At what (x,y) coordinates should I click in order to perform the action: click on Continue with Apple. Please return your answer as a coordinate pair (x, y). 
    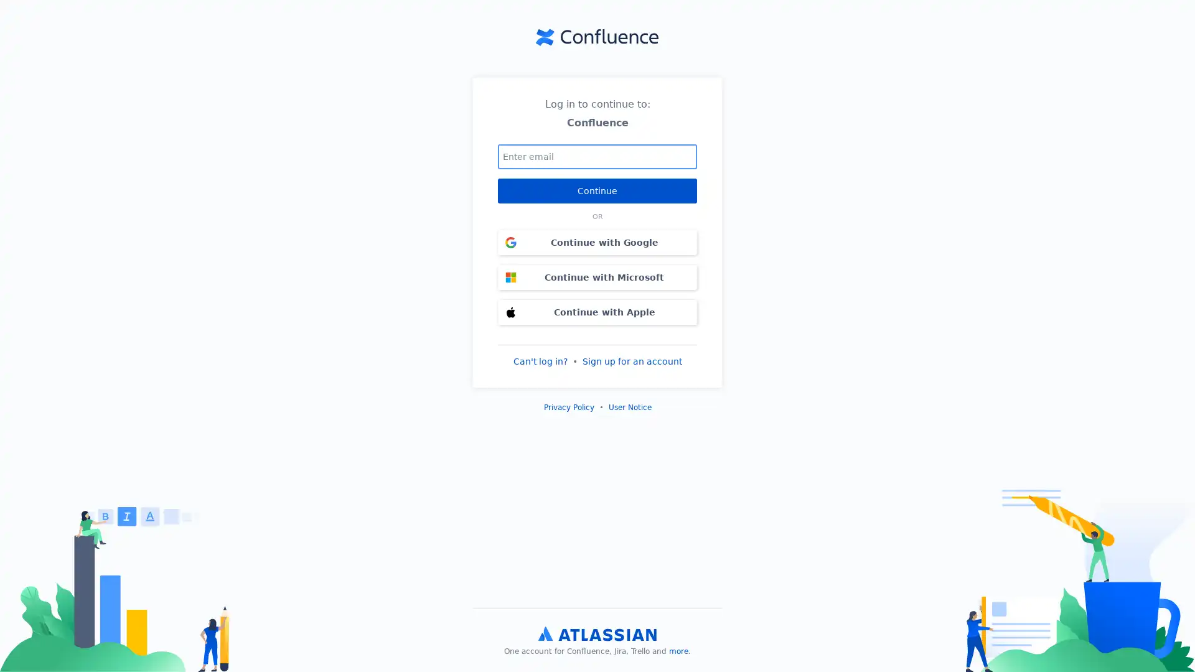
    Looking at the image, I should click on (597, 311).